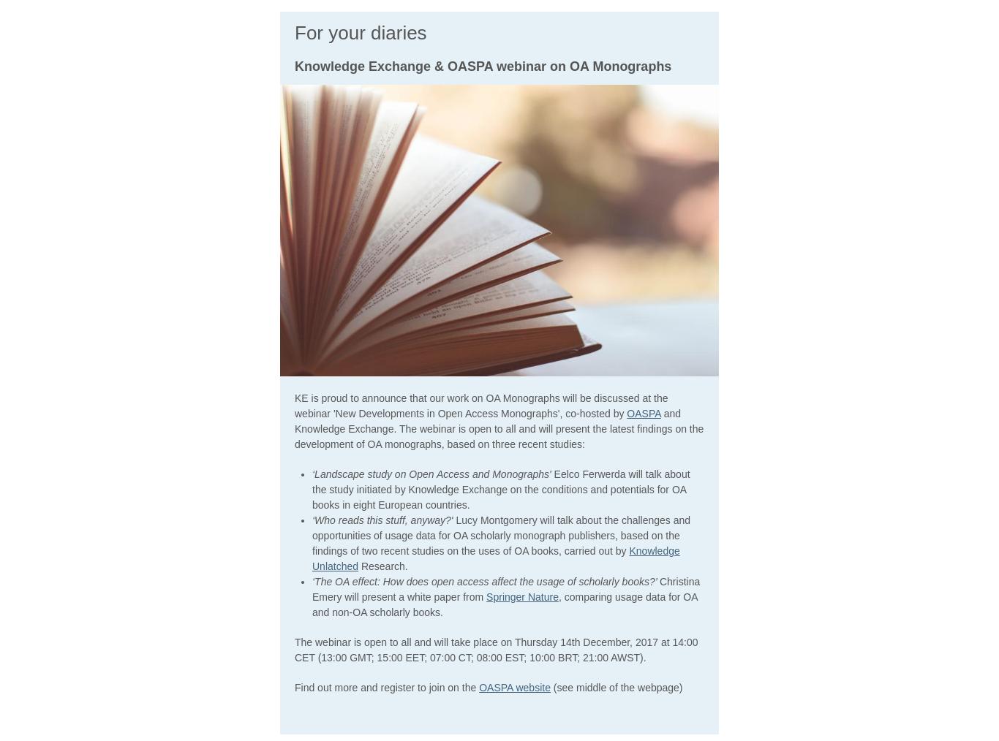  I want to click on 'Research.', so click(382, 565).